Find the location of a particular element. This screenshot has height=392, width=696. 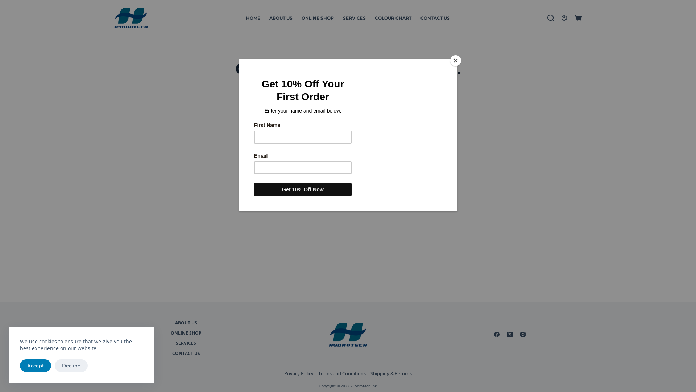

'SERVICES' is located at coordinates (338, 17).